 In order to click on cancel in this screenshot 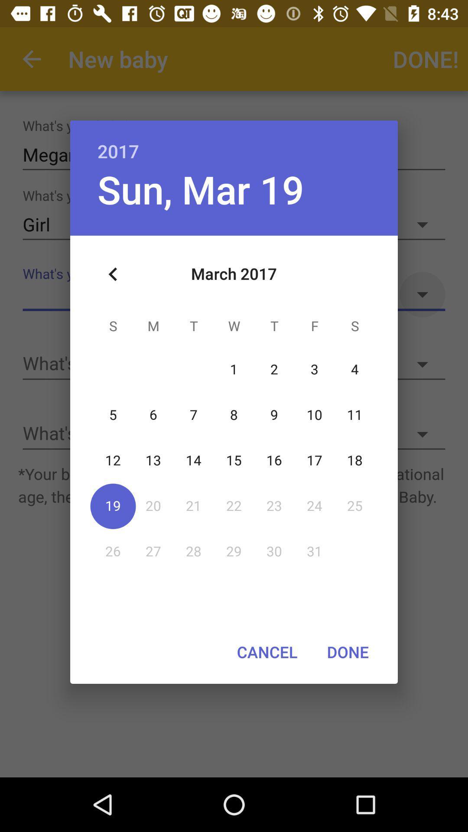, I will do `click(266, 652)`.